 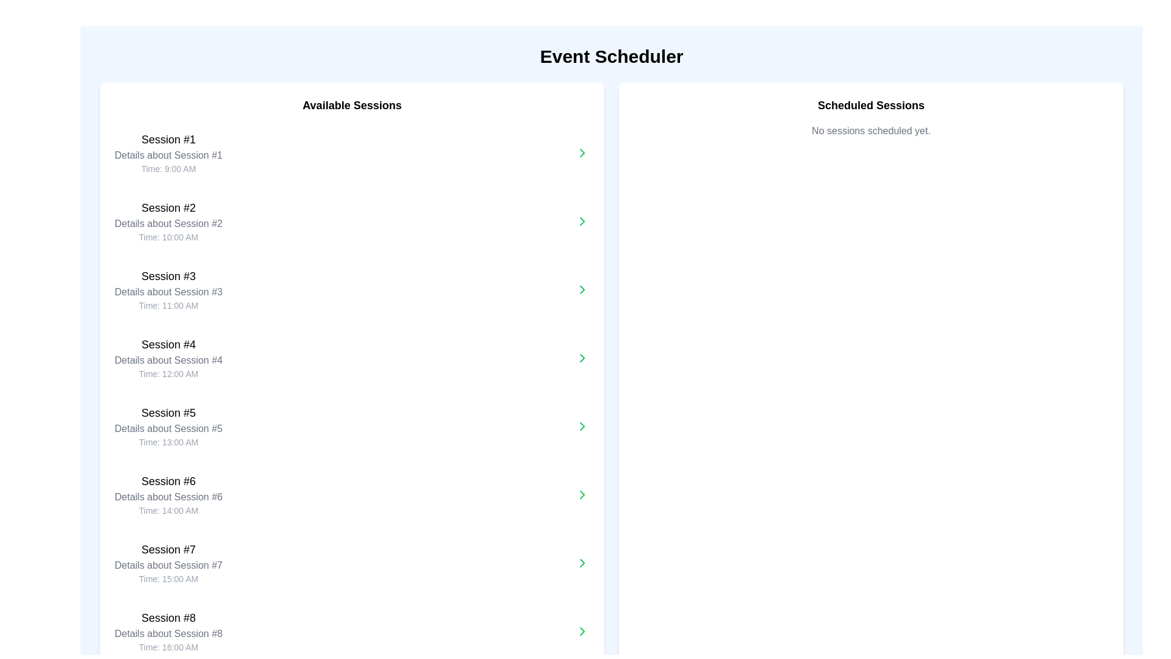 What do you see at coordinates (168, 442) in the screenshot?
I see `text displayed in the static label for 'Session #5', which provides information about the scheduled time of this session` at bounding box center [168, 442].